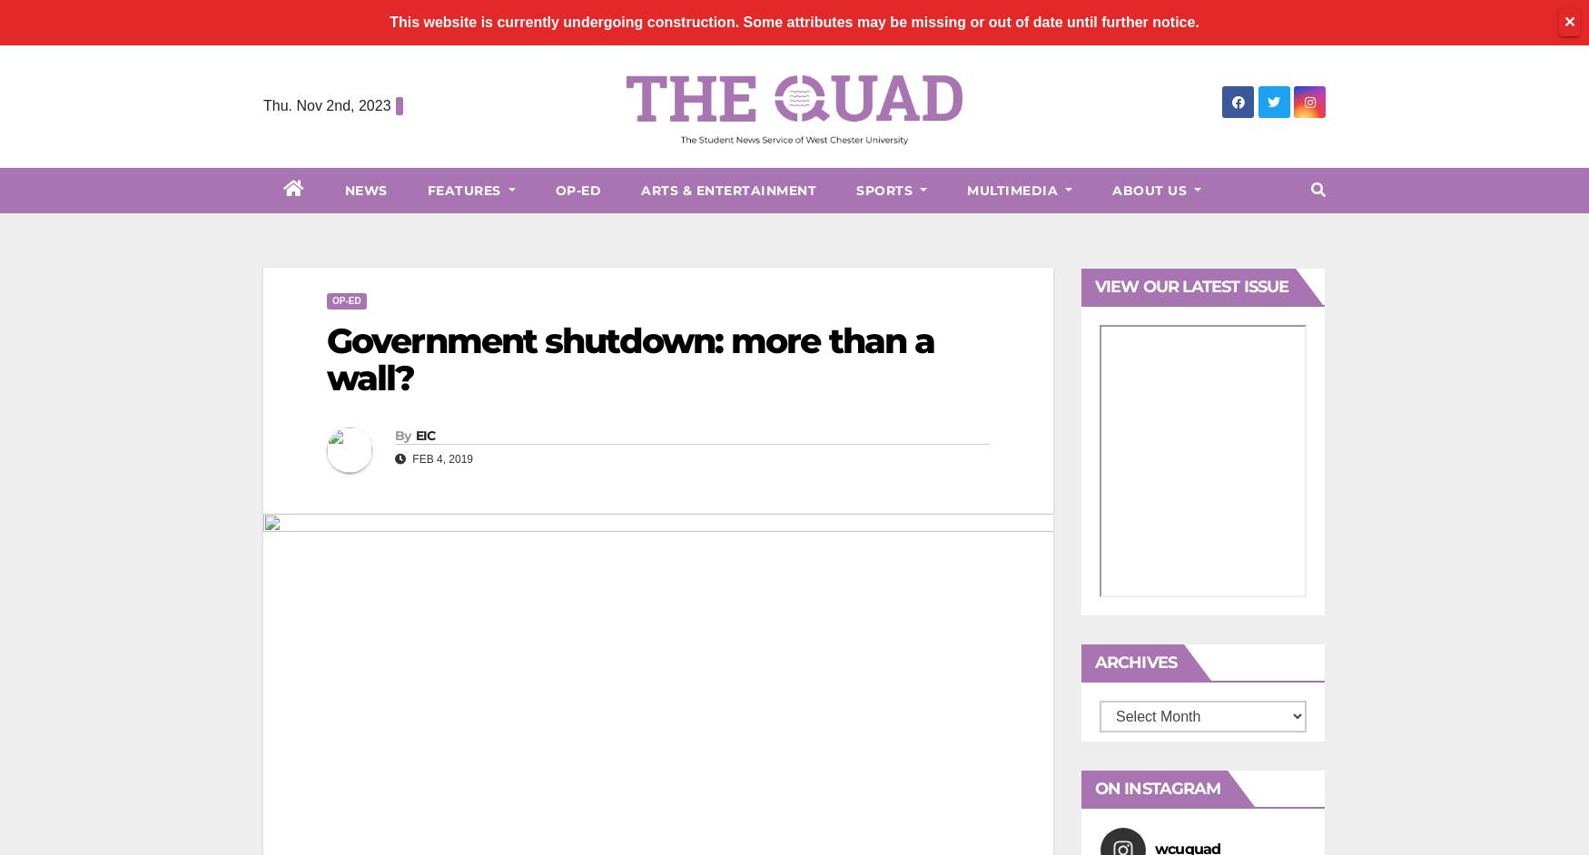  Describe the element at coordinates (345, 300) in the screenshot. I see `'Op-ed'` at that location.